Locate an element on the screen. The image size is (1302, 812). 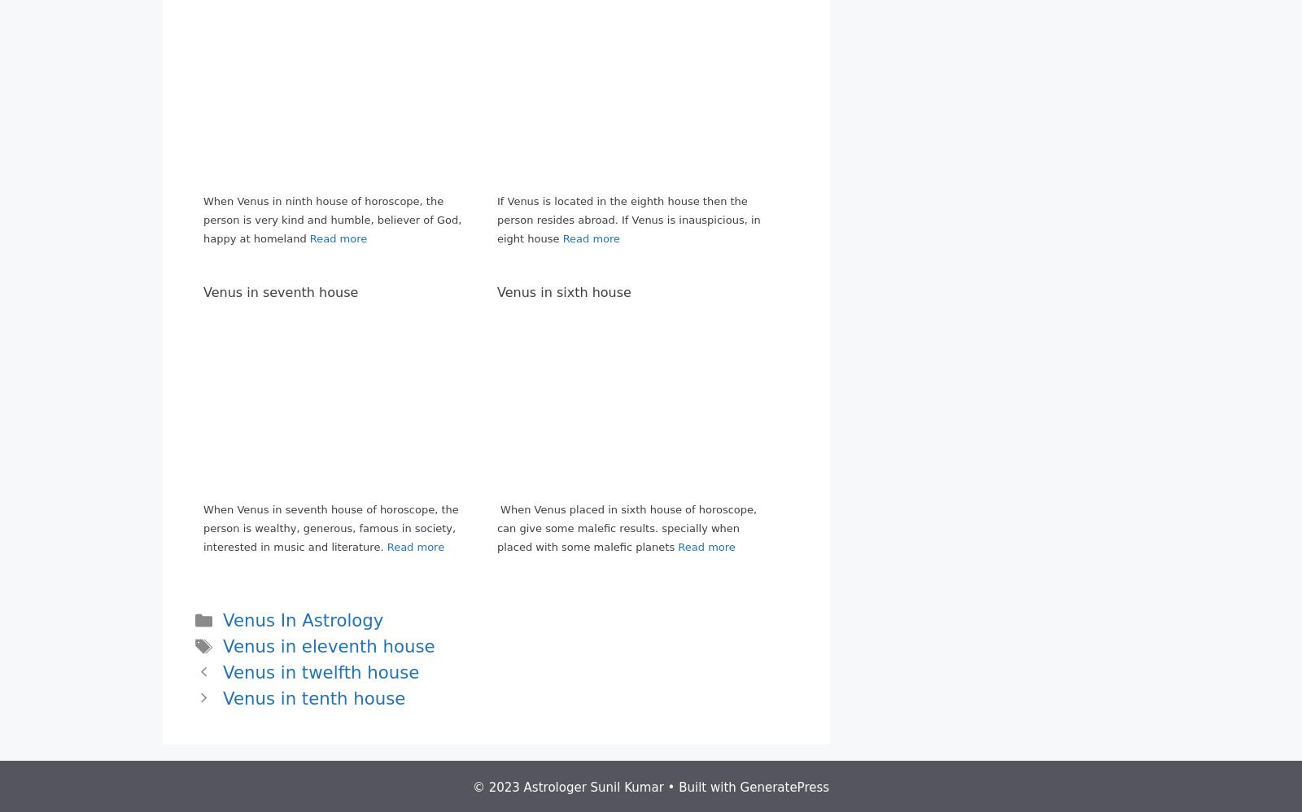
'Venus in eleventh house' is located at coordinates (328, 645).